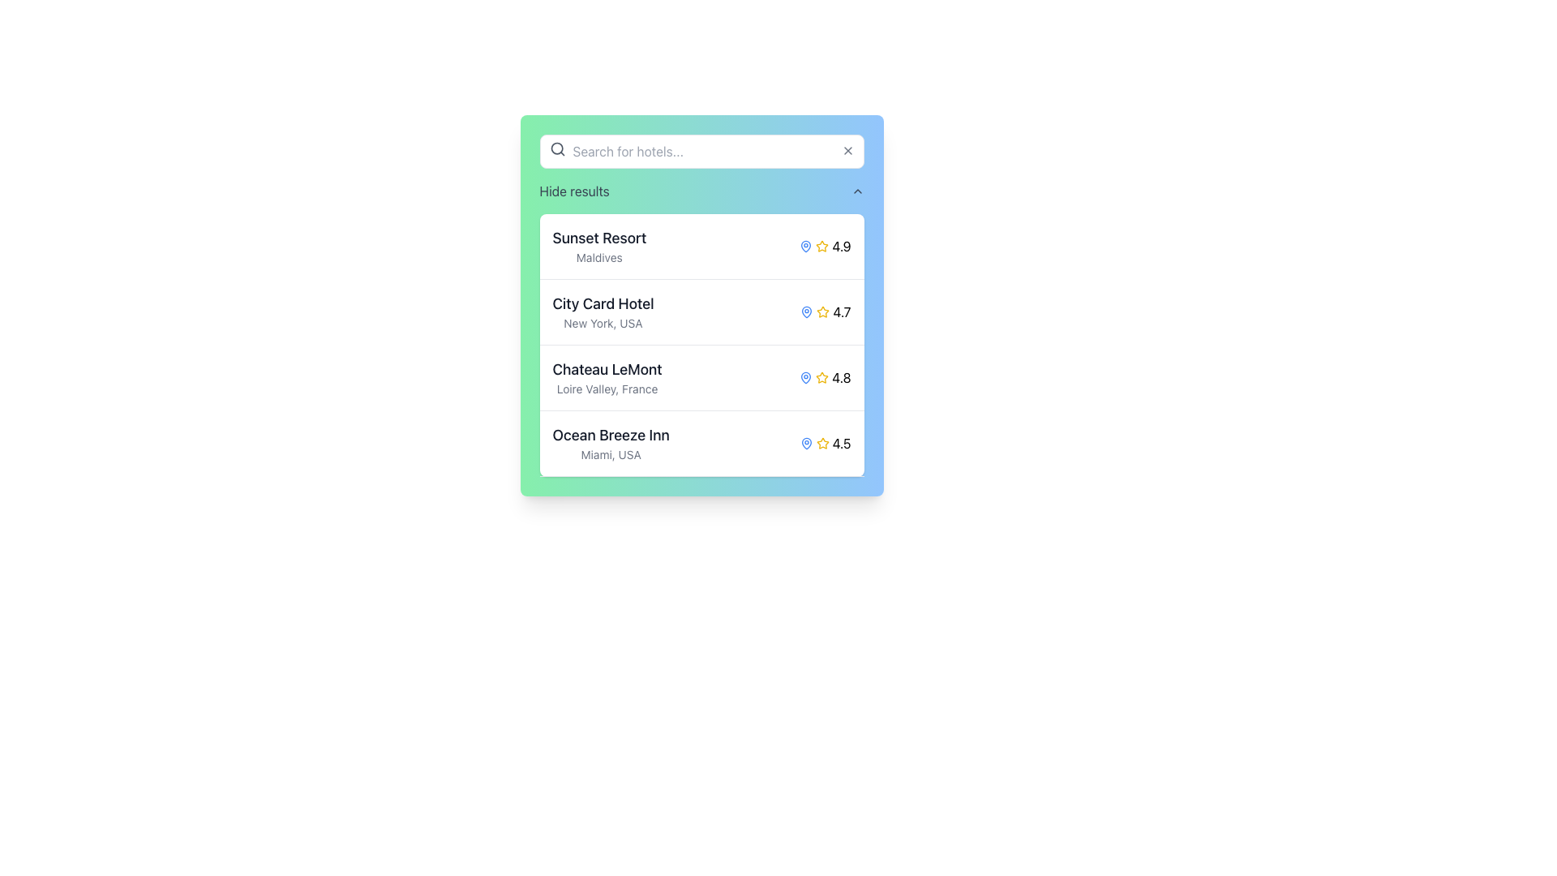 This screenshot has height=876, width=1557. What do you see at coordinates (841, 444) in the screenshot?
I see `the static text displaying the rating score '4.5' for the 'Ocean Breeze Inn' listing` at bounding box center [841, 444].